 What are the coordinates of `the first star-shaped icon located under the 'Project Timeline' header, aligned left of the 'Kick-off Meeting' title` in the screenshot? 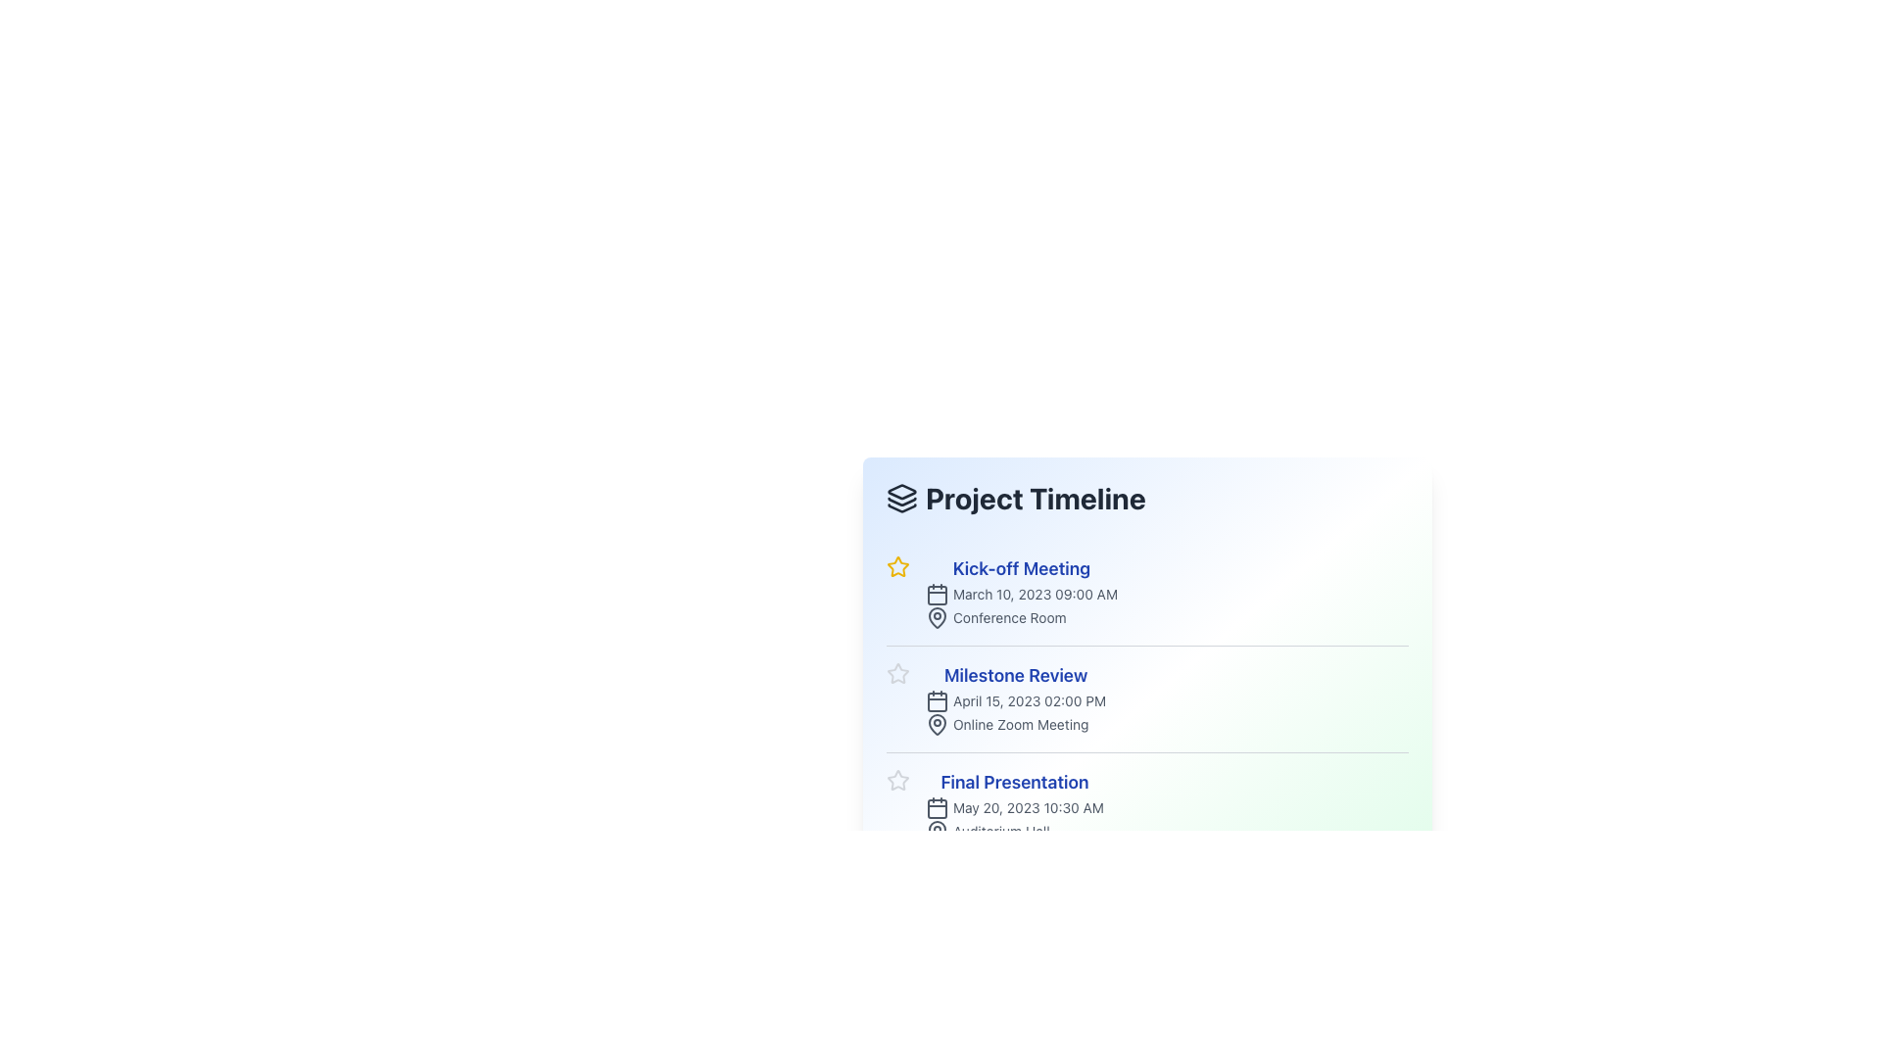 It's located at (896, 779).